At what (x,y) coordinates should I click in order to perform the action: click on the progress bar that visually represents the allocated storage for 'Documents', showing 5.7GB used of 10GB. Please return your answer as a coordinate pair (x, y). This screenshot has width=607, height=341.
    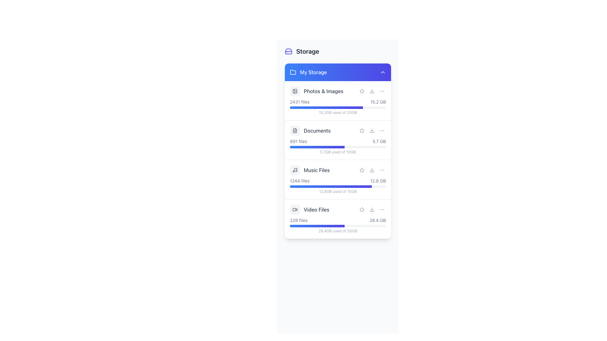
    Looking at the image, I should click on (317, 147).